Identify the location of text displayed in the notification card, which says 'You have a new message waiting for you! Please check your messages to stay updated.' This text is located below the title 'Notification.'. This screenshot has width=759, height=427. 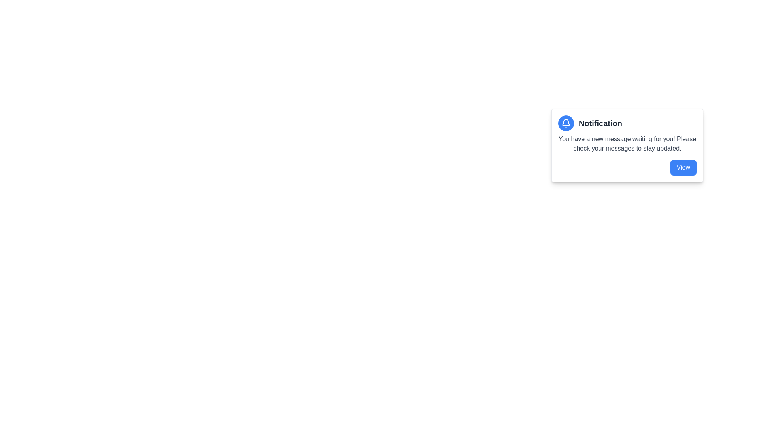
(627, 144).